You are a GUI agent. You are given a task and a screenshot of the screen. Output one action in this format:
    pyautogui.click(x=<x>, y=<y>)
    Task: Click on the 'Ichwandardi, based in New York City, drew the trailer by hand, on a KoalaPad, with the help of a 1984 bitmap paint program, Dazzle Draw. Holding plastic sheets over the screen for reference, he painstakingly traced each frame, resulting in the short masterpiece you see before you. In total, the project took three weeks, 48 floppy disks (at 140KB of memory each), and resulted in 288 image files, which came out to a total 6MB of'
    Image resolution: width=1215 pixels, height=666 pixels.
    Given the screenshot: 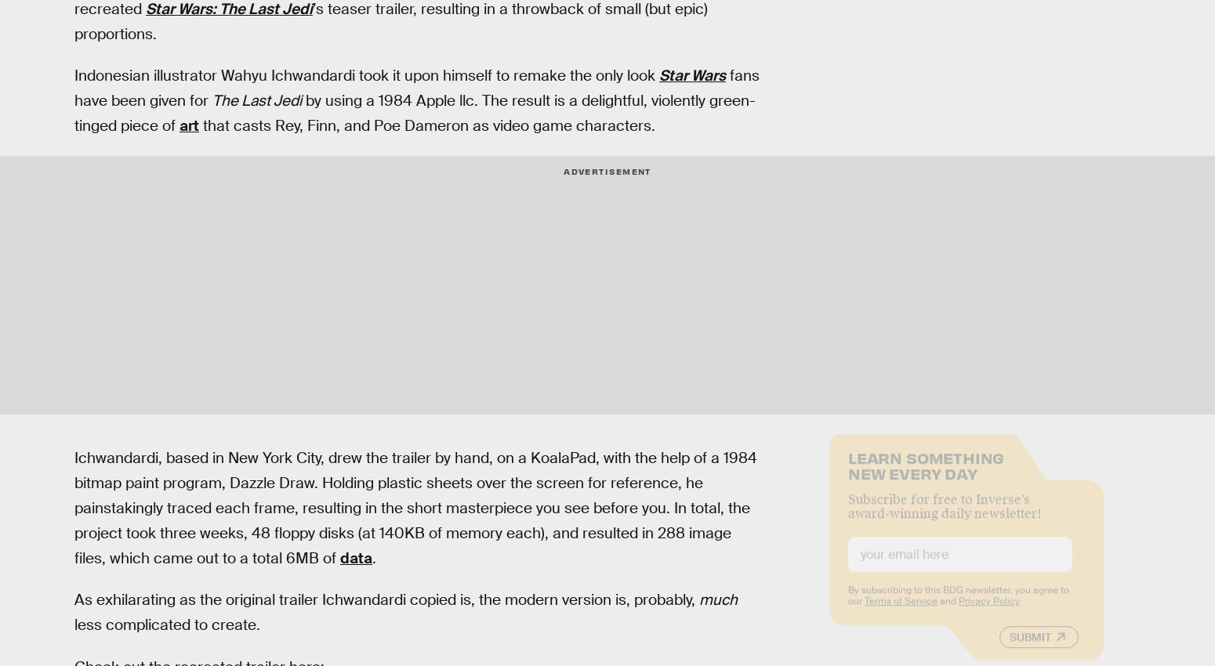 What is the action you would take?
    pyautogui.click(x=415, y=507)
    